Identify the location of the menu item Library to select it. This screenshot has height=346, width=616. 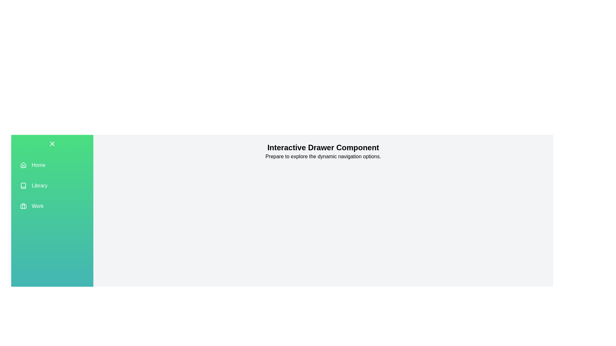
(52, 185).